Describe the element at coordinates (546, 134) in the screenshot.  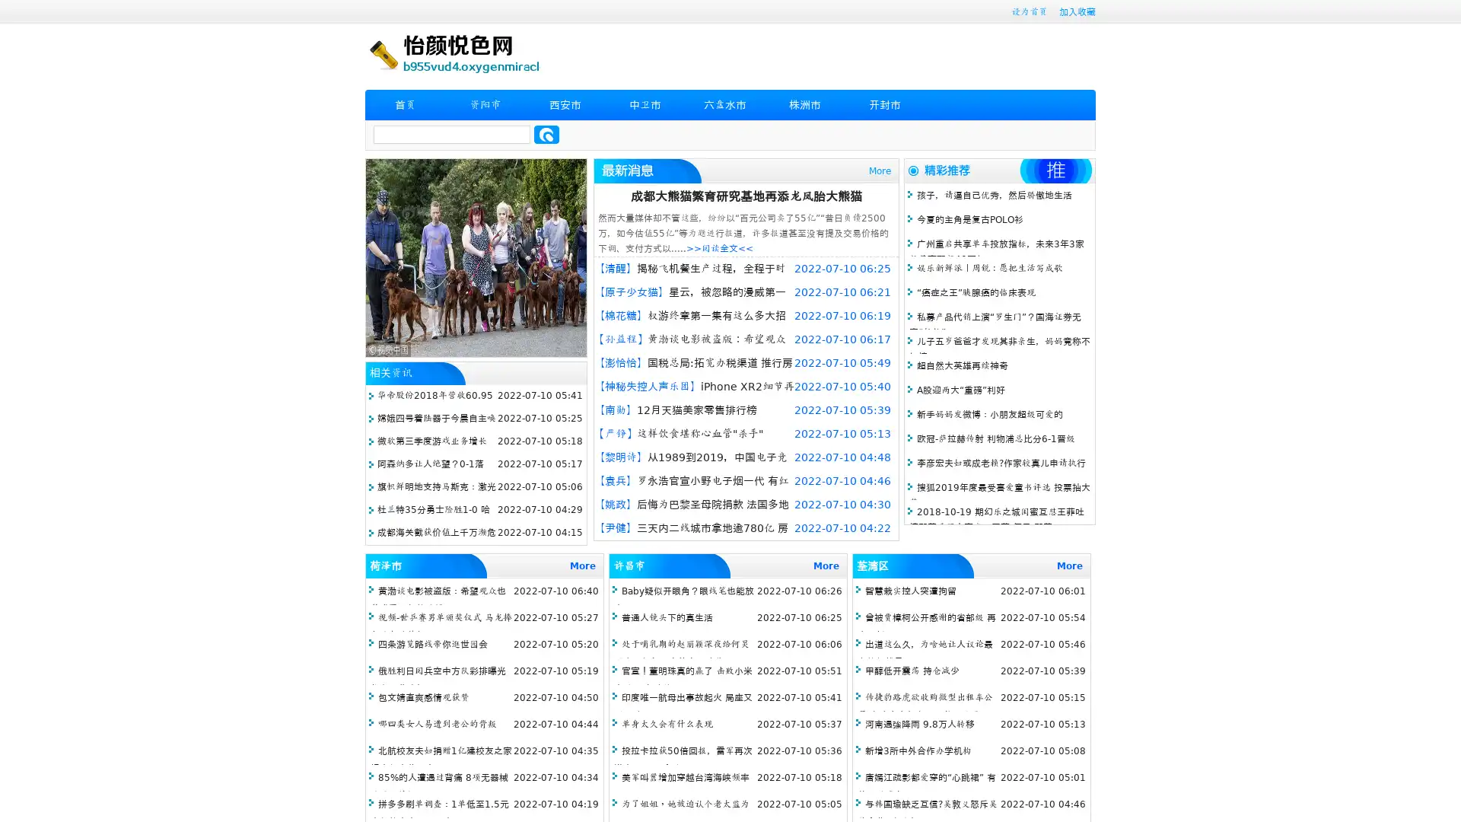
I see `Search` at that location.